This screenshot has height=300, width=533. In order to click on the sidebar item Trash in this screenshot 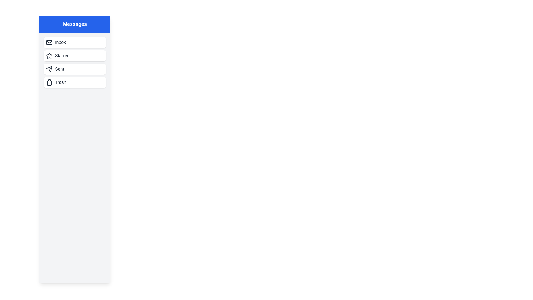, I will do `click(74, 82)`.